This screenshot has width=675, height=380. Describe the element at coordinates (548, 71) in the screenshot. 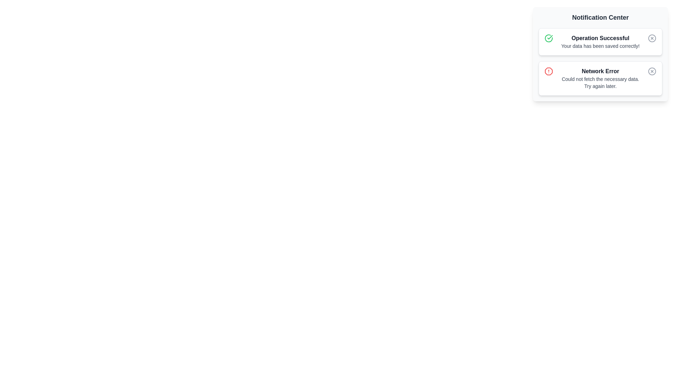

I see `the octagonal red icon indicating a network error, located on the left side of the notification message` at that location.